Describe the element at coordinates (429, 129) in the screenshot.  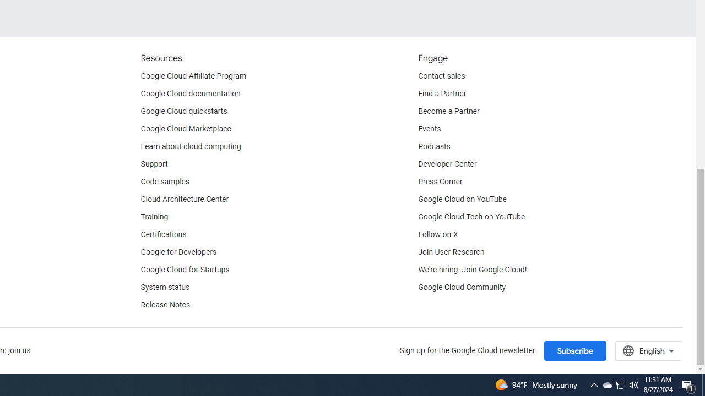
I see `'Events'` at that location.